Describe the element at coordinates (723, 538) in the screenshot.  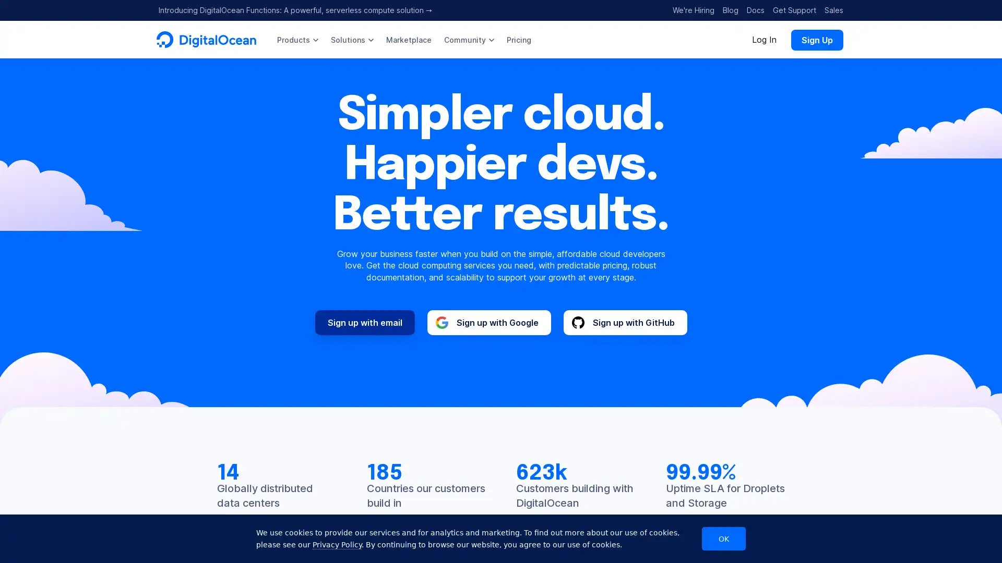
I see `OK` at that location.